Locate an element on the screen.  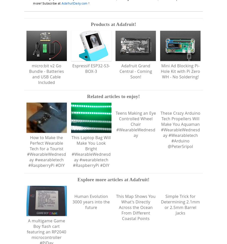
'Espressif ESP32-S3-BOX-3' is located at coordinates (91, 68).